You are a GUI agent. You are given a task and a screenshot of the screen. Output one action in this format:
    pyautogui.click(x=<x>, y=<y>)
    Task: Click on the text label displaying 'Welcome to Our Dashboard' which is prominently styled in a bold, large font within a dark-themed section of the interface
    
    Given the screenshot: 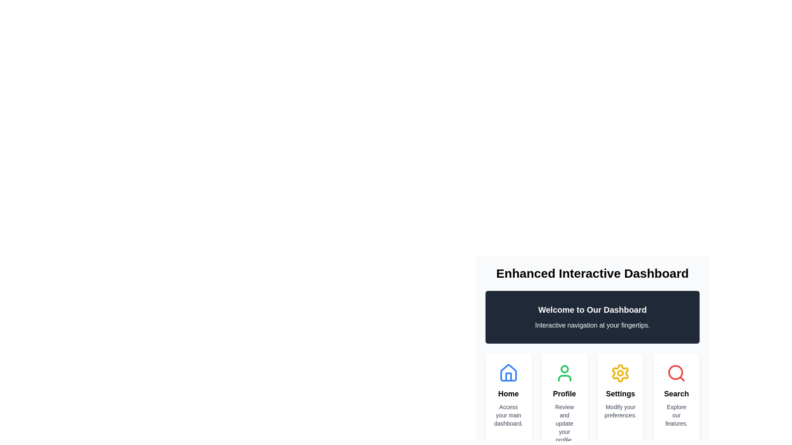 What is the action you would take?
    pyautogui.click(x=592, y=310)
    